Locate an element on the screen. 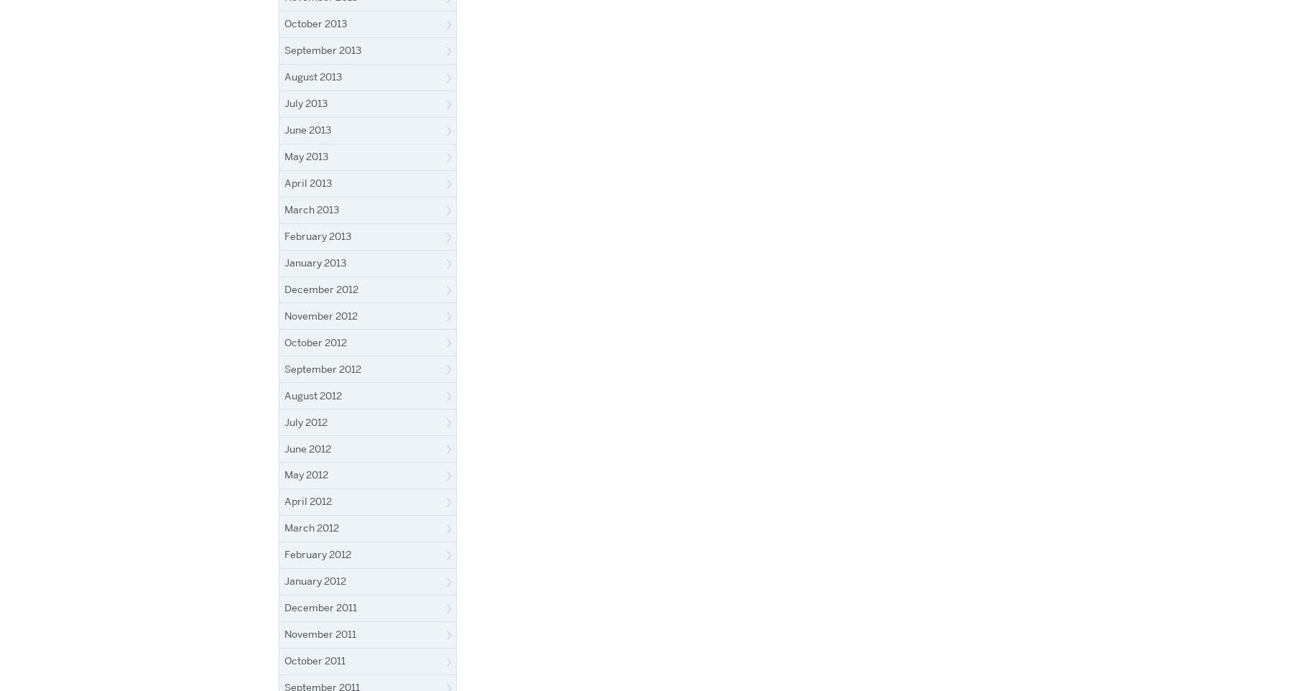  'March 2013' is located at coordinates (311, 208).